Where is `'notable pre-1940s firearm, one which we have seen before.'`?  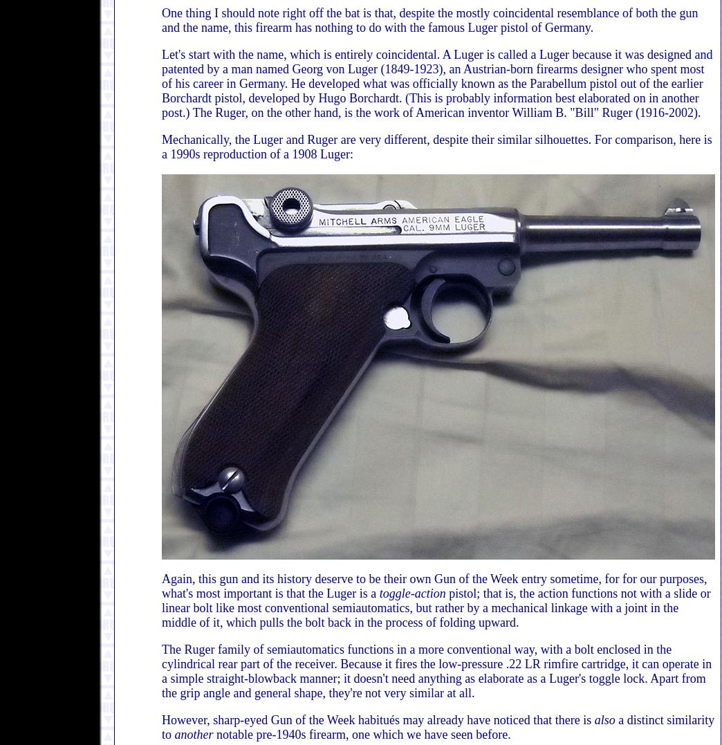
'notable pre-1940s firearm, one which we have seen before.' is located at coordinates (361, 735).